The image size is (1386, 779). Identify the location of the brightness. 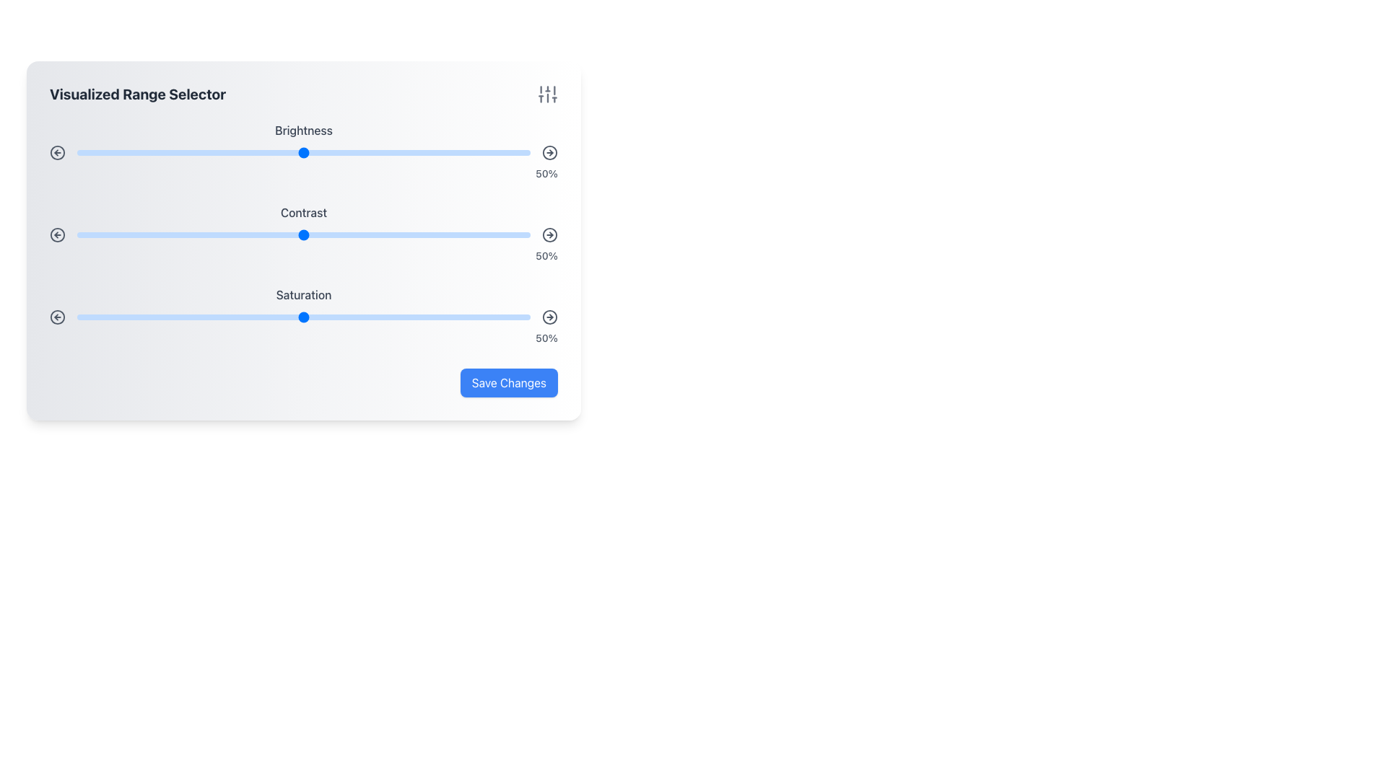
(471, 153).